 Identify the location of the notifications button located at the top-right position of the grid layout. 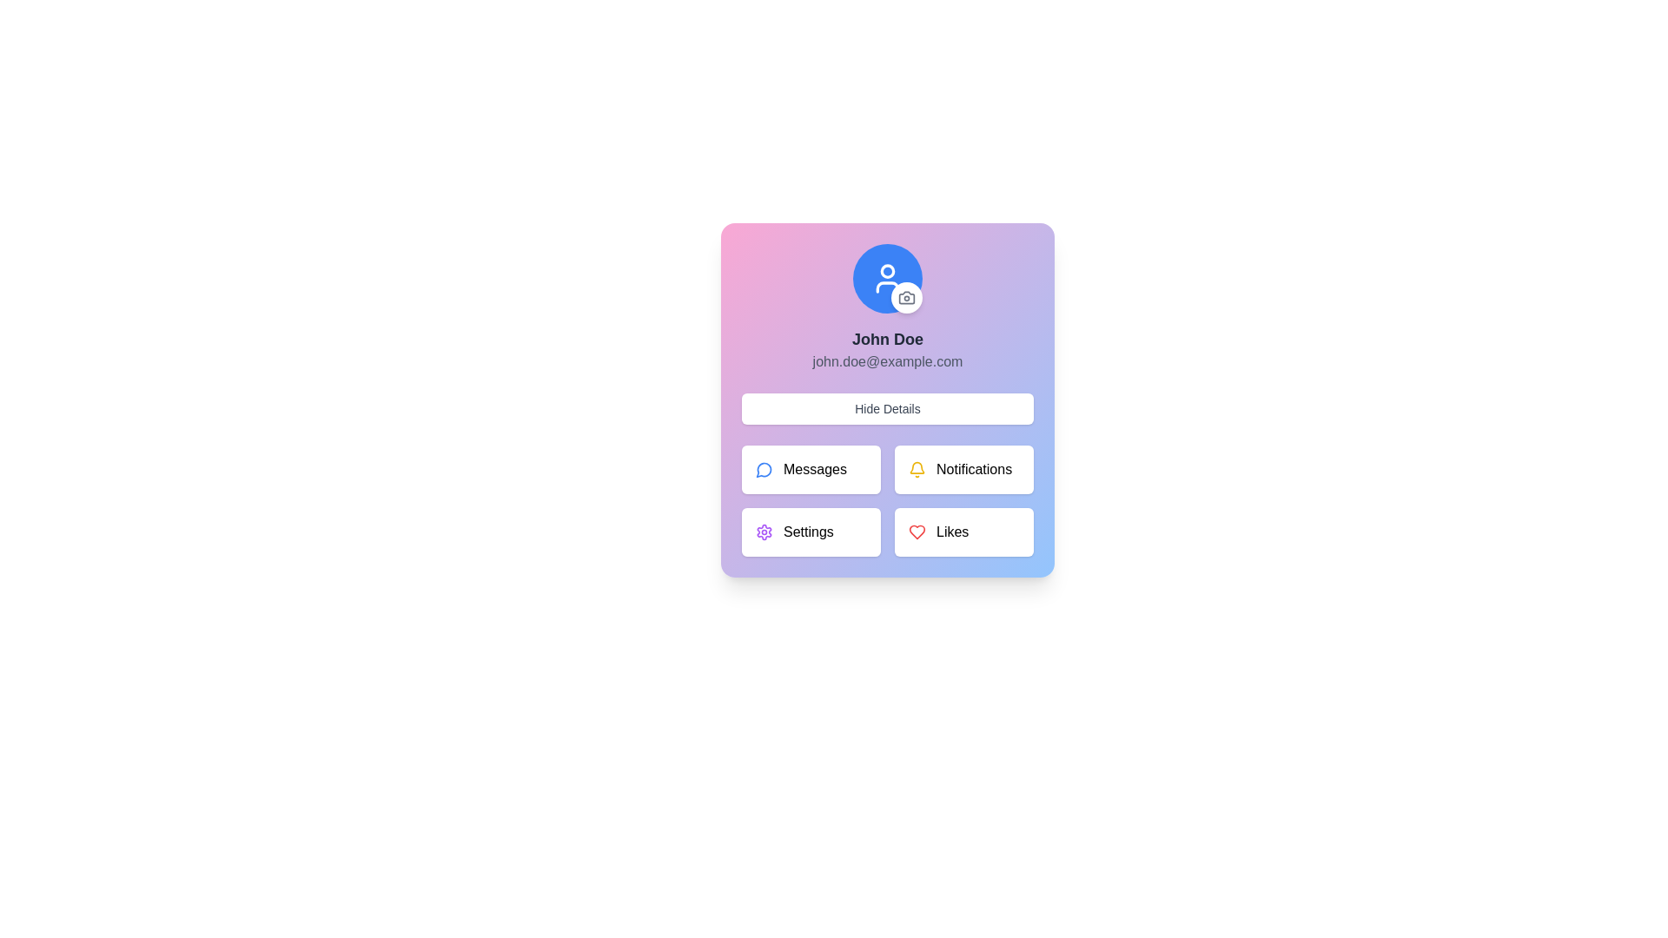
(963, 469).